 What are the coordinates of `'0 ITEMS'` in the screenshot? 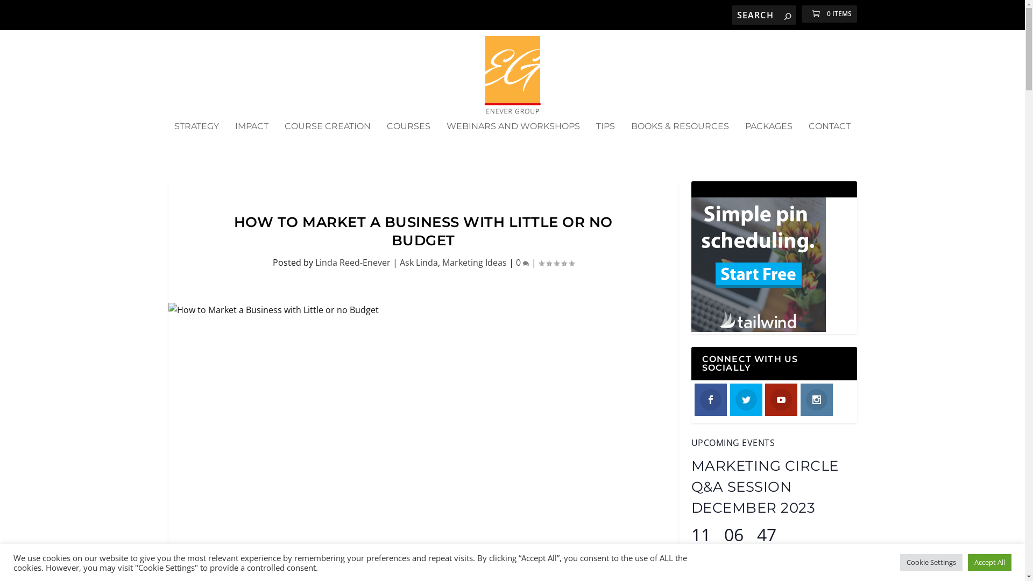 It's located at (829, 14).